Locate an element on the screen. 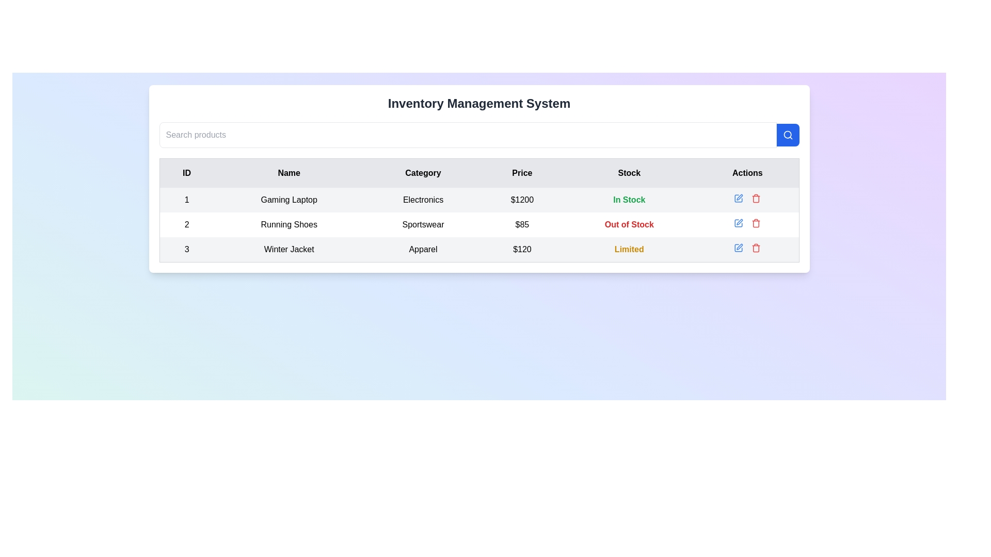 This screenshot has height=557, width=991. the Text Label in the fifth column header for stock status, which is positioned between 'Price' and 'Actions' is located at coordinates (629, 172).